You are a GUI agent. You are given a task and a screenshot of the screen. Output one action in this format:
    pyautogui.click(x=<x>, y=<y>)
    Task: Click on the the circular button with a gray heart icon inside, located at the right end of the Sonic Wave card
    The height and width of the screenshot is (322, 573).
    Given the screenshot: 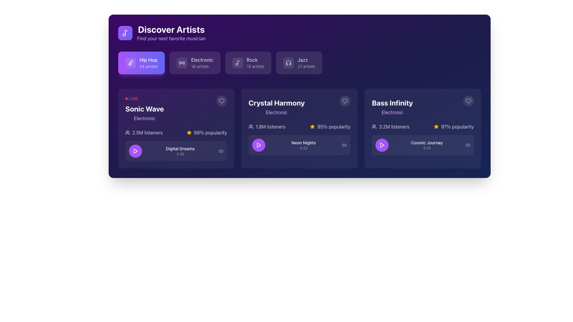 What is the action you would take?
    pyautogui.click(x=221, y=101)
    